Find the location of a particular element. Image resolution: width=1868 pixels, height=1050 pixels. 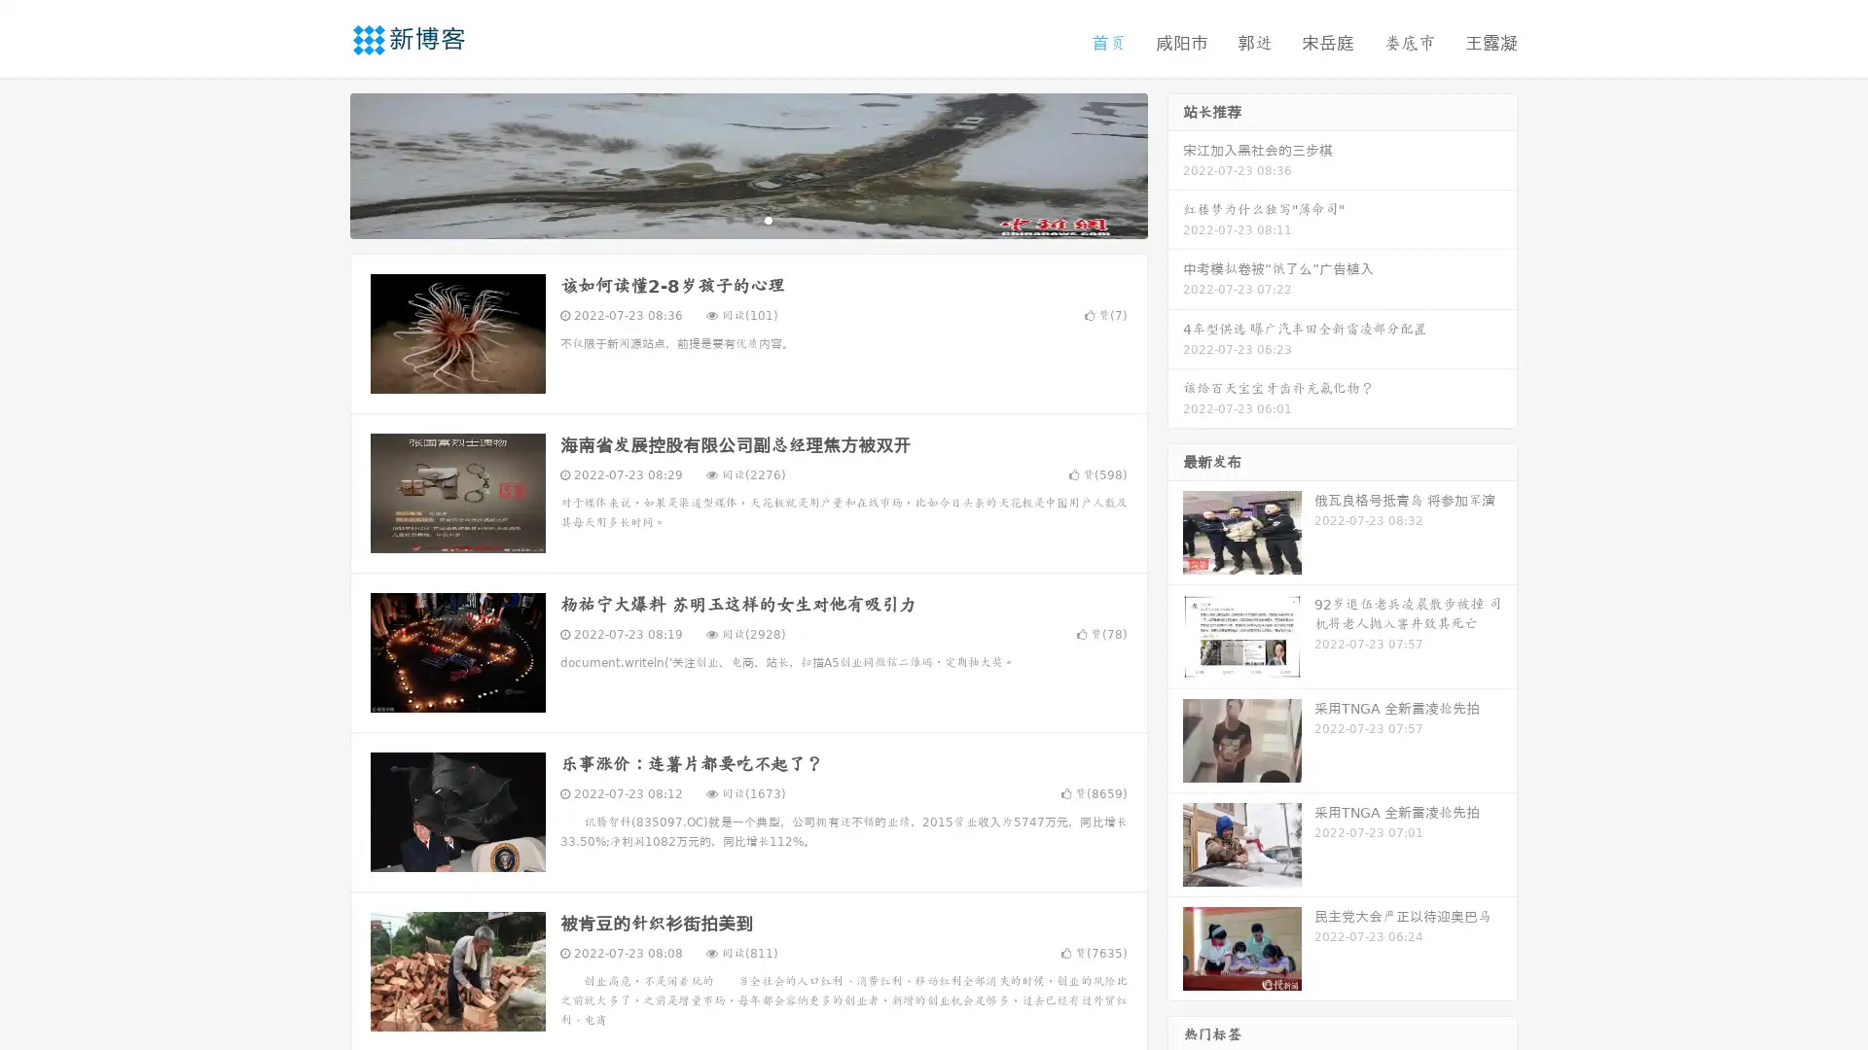

Go to slide 3 is located at coordinates (768, 219).